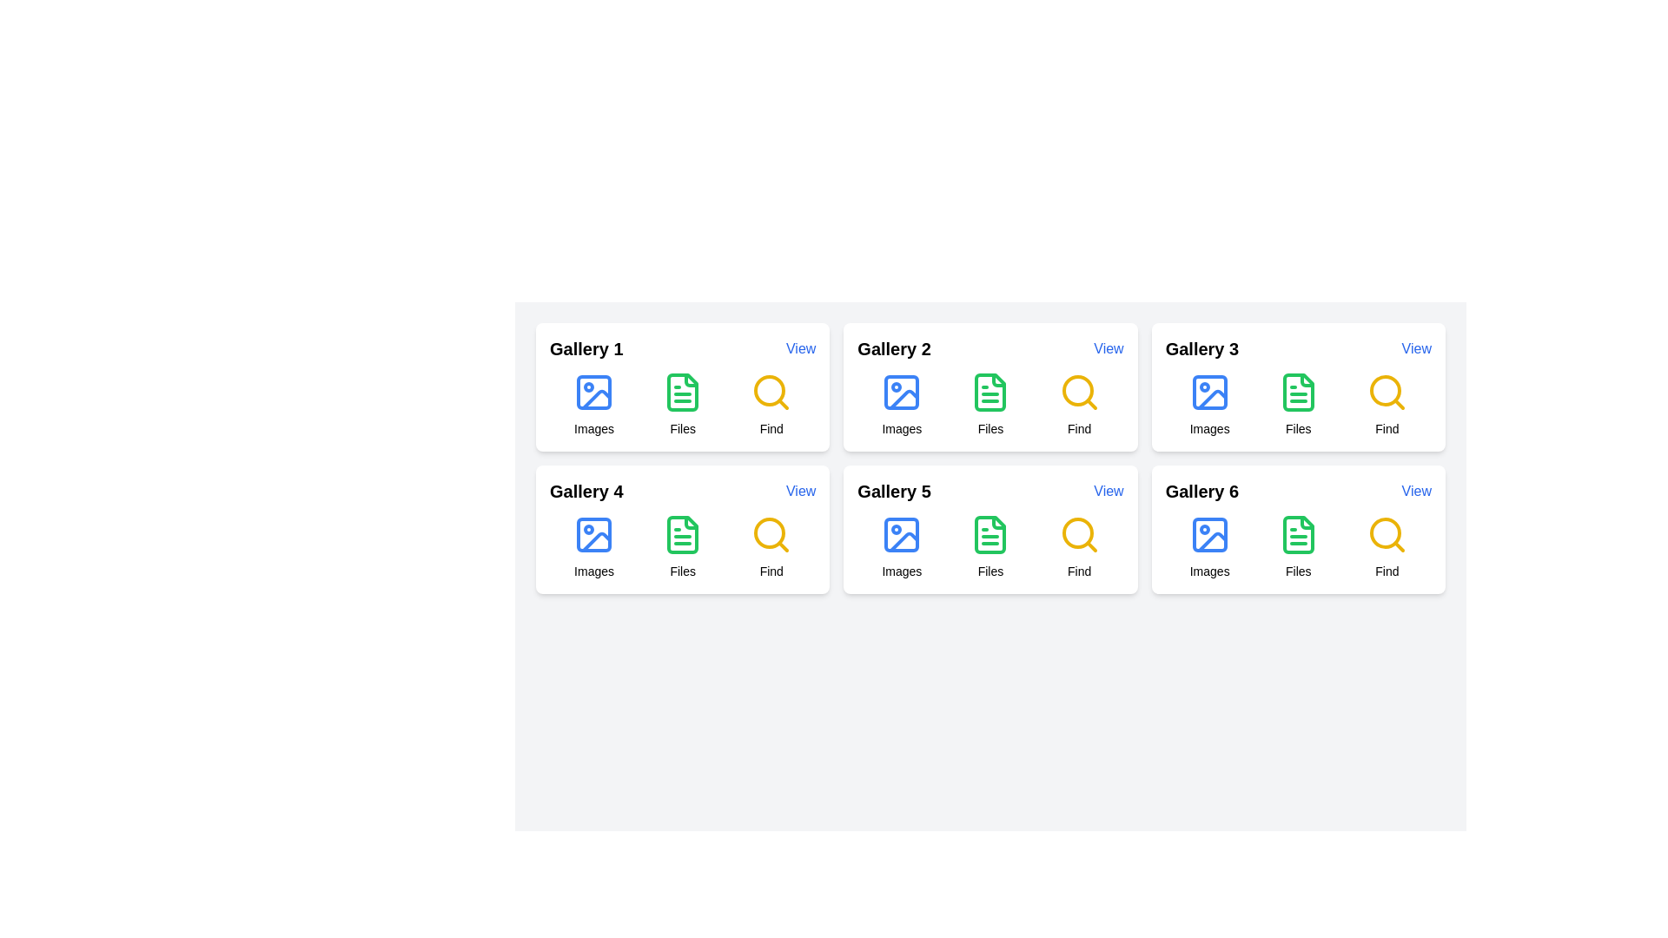 The width and height of the screenshot is (1668, 938). Describe the element at coordinates (1108, 348) in the screenshot. I see `the navigational link located at the top-right corner of the 'Gallery 2' card` at that location.